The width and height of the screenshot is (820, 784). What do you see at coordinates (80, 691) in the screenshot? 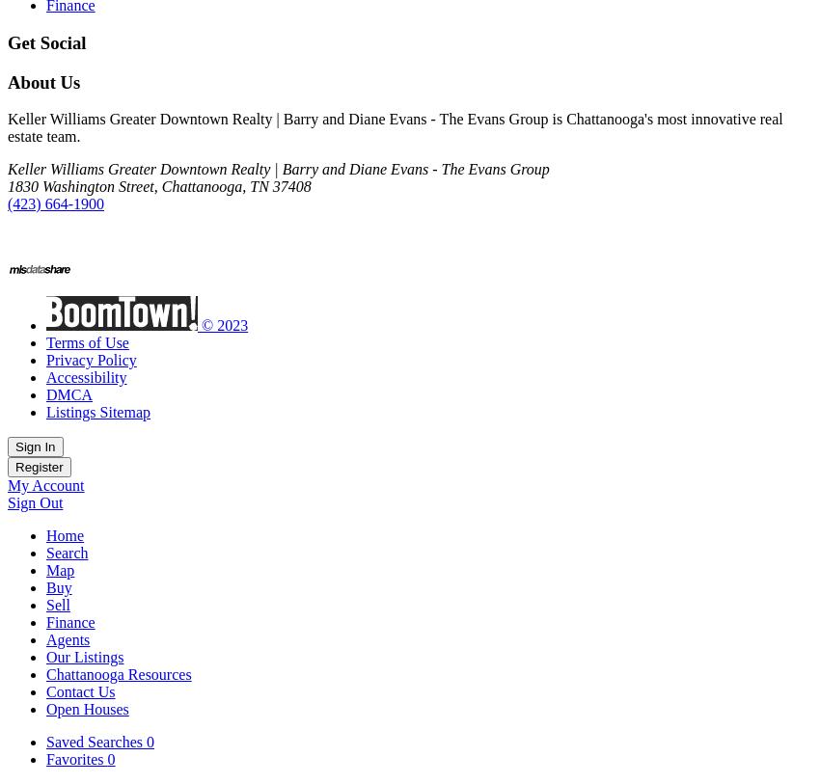
I see `'Contact Us'` at bounding box center [80, 691].